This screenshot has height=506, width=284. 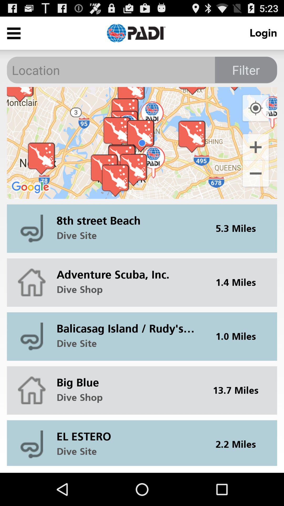 I want to click on the 2.2 miles item, so click(x=239, y=443).